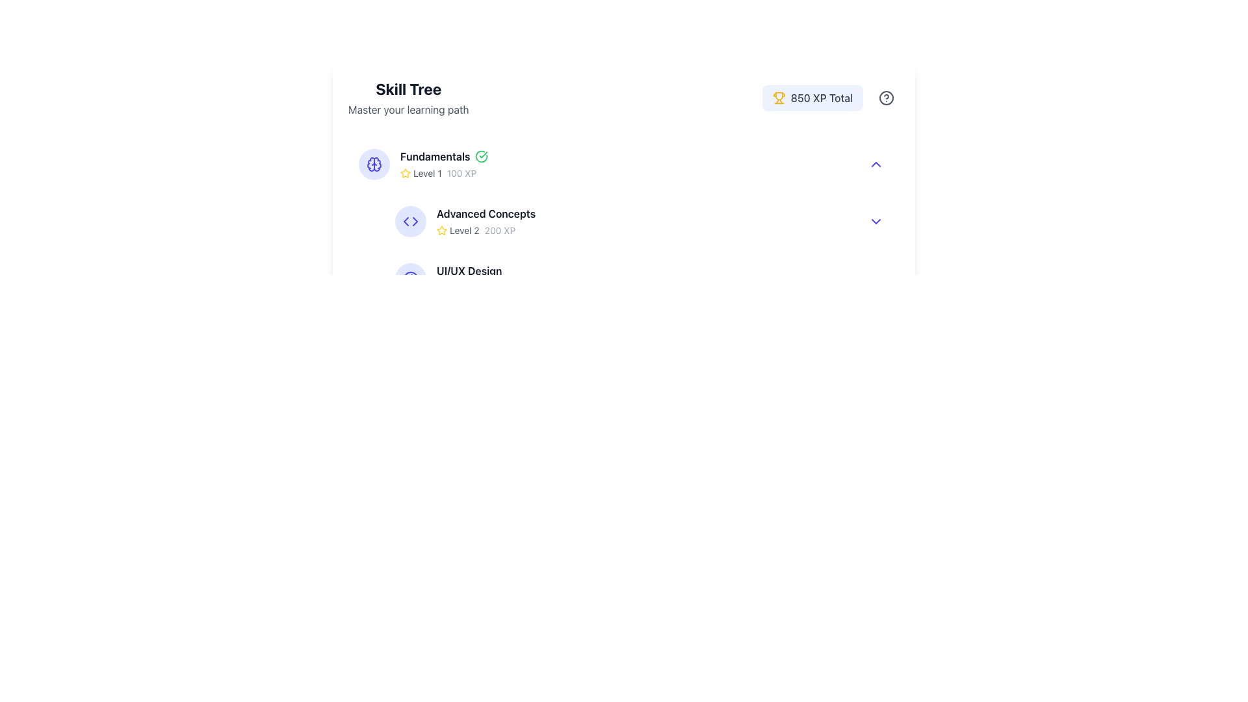 This screenshot has height=702, width=1248. Describe the element at coordinates (642, 278) in the screenshot. I see `the third list item styled as a button component labeled 'UI/UX Design'` at that location.